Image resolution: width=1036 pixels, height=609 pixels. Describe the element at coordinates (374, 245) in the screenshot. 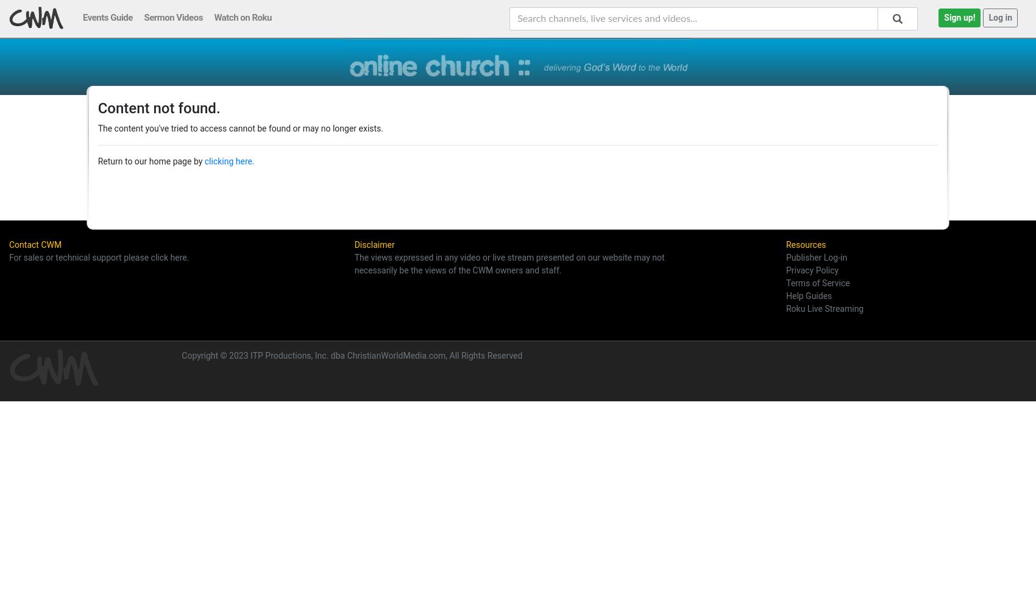

I see `'Disclaimer'` at that location.